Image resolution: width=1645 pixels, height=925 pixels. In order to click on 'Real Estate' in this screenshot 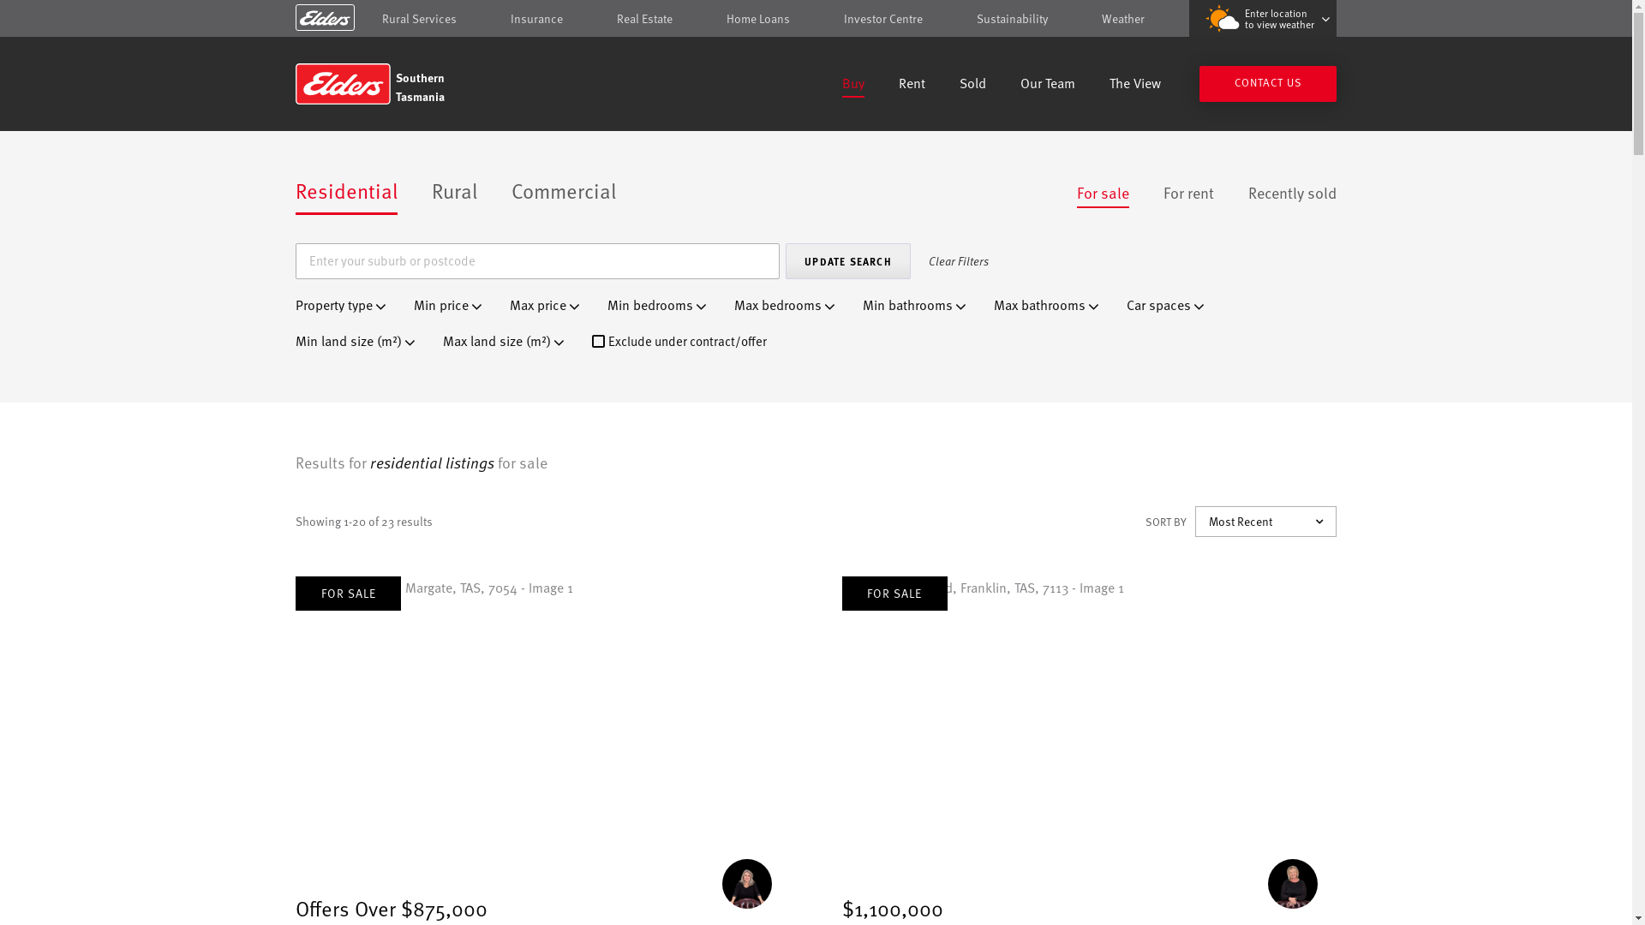, I will do `click(643, 18)`.